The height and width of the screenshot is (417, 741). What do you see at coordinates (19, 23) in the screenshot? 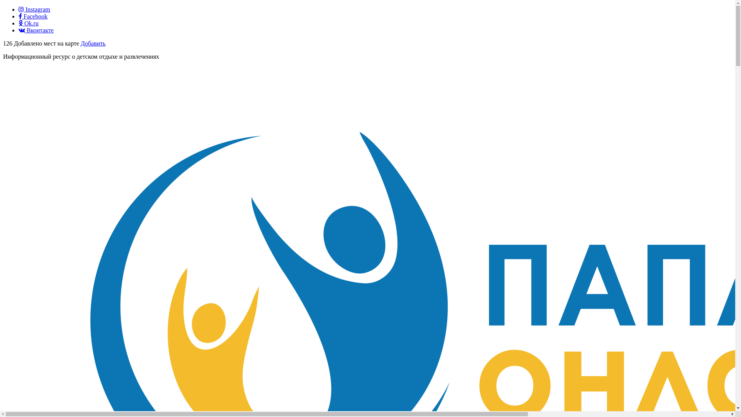
I see `'Ok.ru'` at bounding box center [19, 23].